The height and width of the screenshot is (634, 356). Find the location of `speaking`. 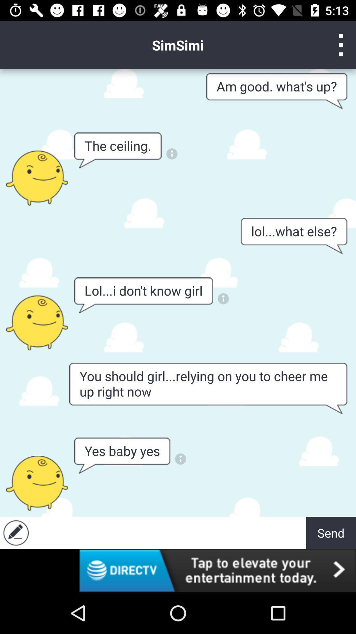

speaking is located at coordinates (37, 323).